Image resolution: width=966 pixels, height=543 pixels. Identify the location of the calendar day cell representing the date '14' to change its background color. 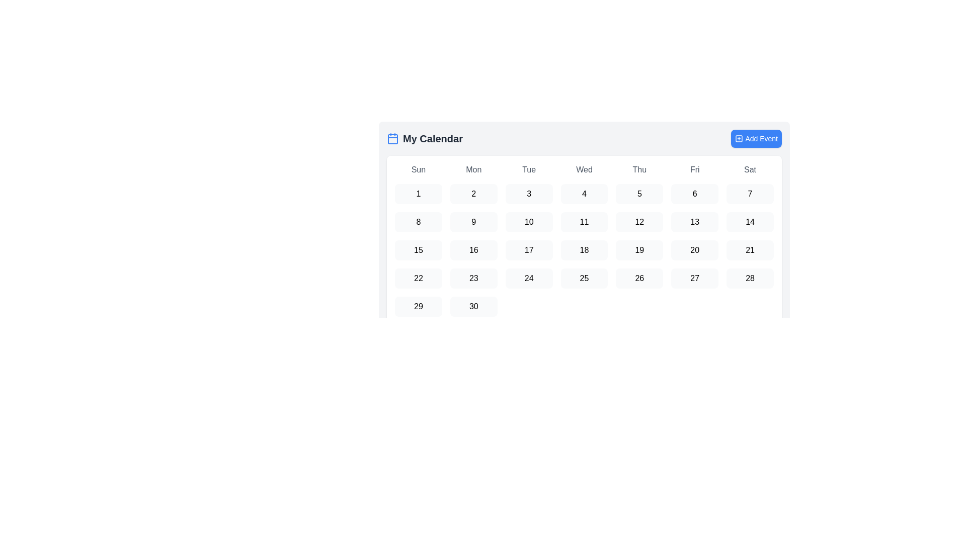
(750, 222).